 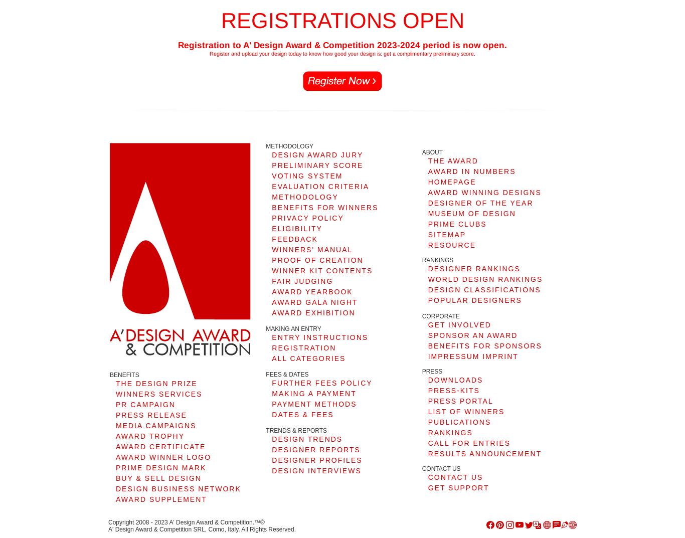 I want to click on 'AWARD SUPPLEMENT', so click(x=161, y=498).